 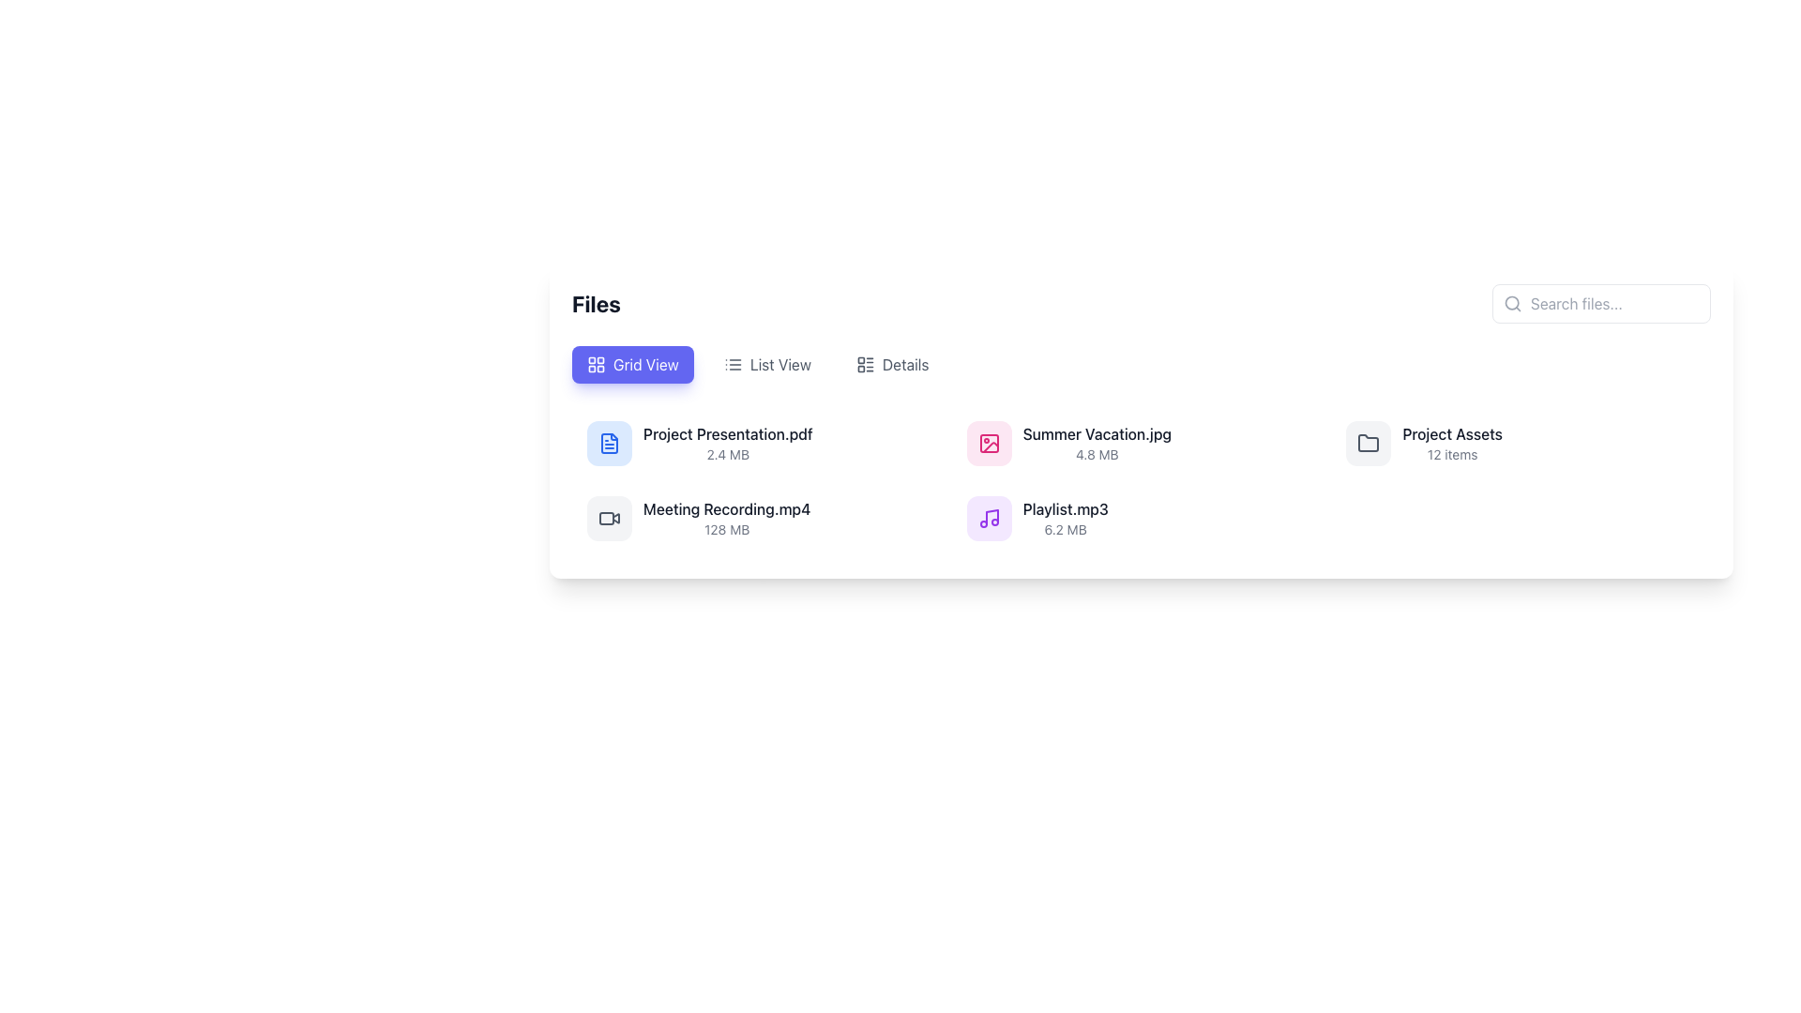 I want to click on text of the label displaying the file name 'Meeting Recording.mp4' and its size '128 MB' located in the second column of the file grid interface, so click(x=726, y=518).